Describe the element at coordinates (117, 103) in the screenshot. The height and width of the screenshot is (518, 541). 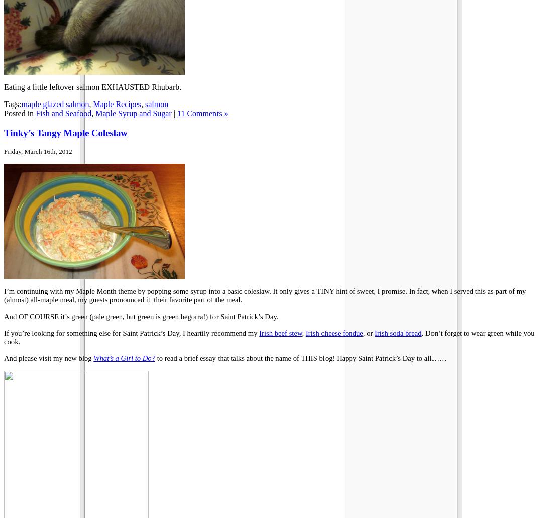
I see `'Maple Recipes'` at that location.